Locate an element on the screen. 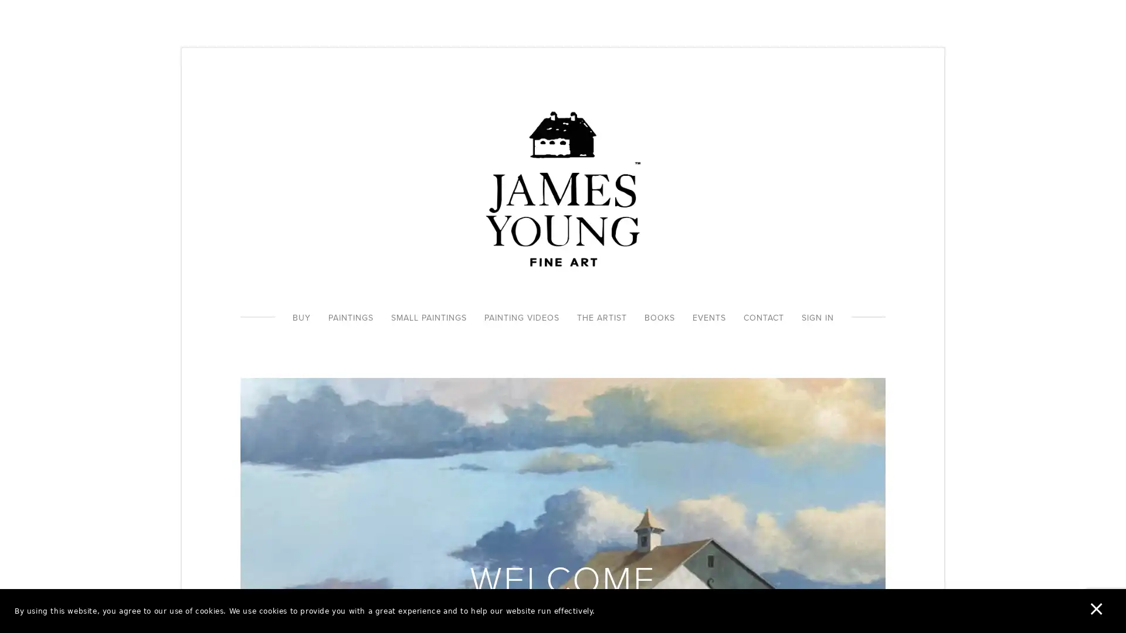 The image size is (1126, 633). Sign Up! is located at coordinates (563, 387).